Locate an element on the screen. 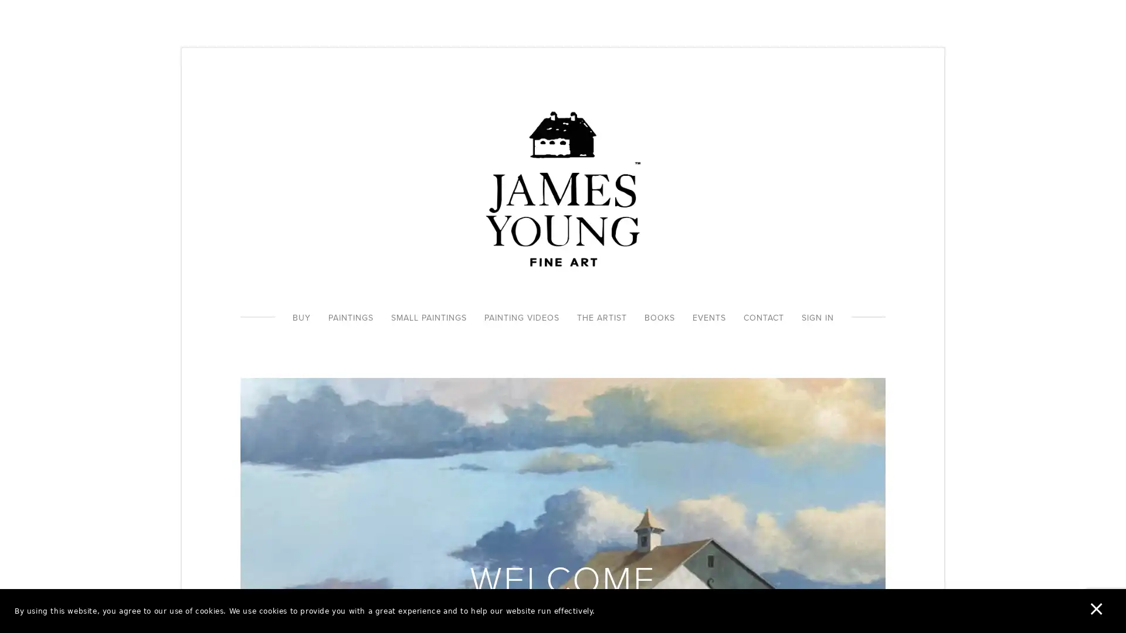 The image size is (1126, 633). Sign Up! is located at coordinates (563, 387).